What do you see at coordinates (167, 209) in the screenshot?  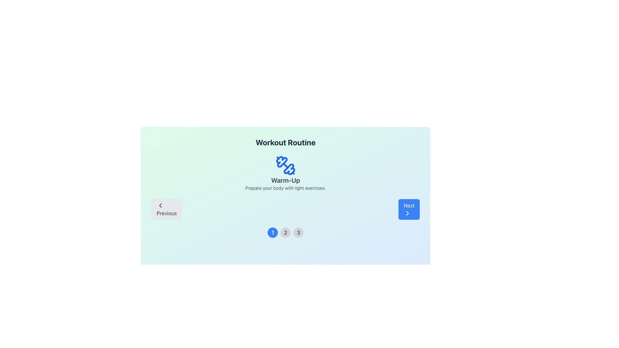 I see `the 'Previous' button with a gray background and a left-pointing chevron icon` at bounding box center [167, 209].